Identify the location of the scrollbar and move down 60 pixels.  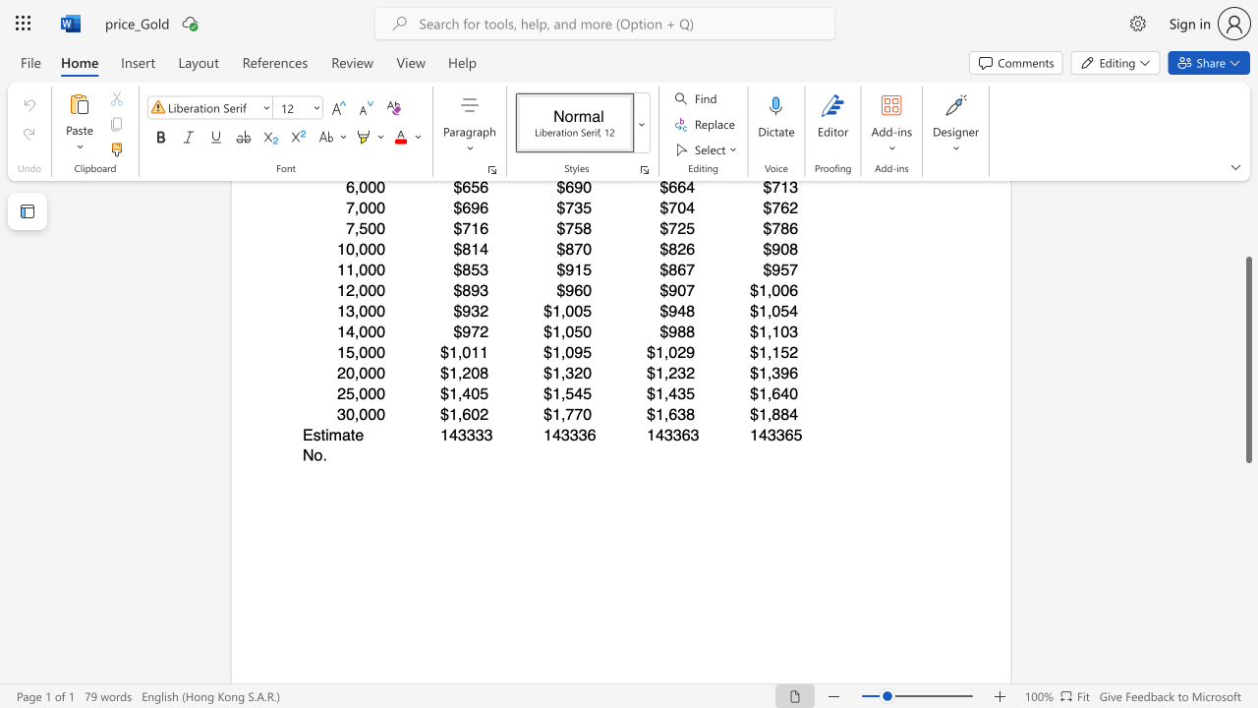
(1247, 360).